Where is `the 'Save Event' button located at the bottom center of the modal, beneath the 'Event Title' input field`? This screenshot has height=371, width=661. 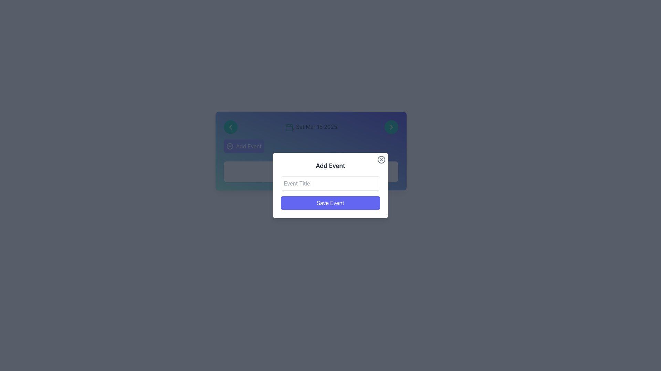 the 'Save Event' button located at the bottom center of the modal, beneath the 'Event Title' input field is located at coordinates (330, 202).